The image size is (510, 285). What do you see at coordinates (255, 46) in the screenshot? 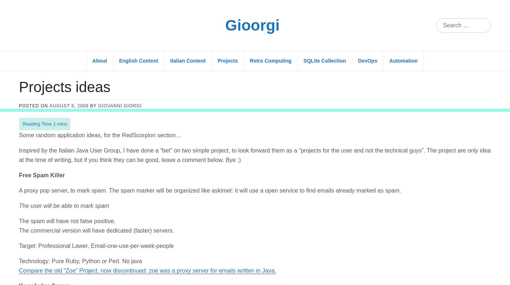
I see `'Inspired by the Italian Java User Group, I have done a “bet” on two simple project, to look forward them as a “projects for the user and not the technical guys”. The project are only idea at the time of writing, but if you think they can be good, leave a comment below. Bye :)'` at bounding box center [255, 46].